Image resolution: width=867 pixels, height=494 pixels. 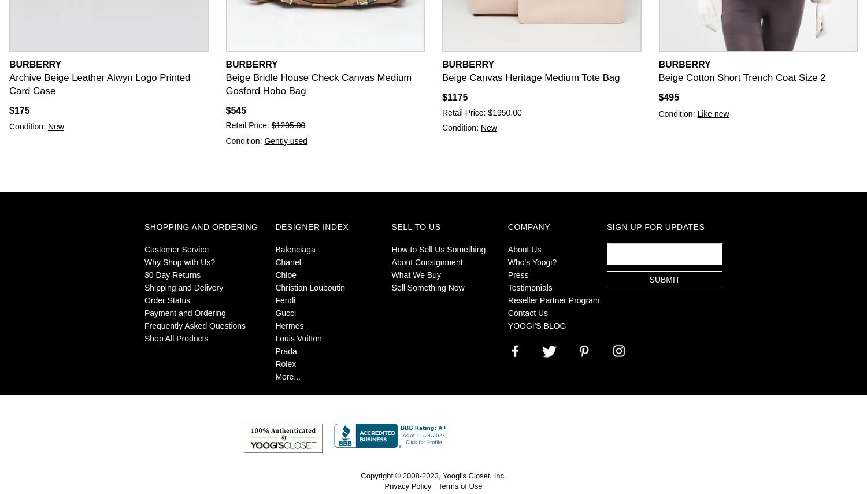 I want to click on 'Gucci', so click(x=274, y=313).